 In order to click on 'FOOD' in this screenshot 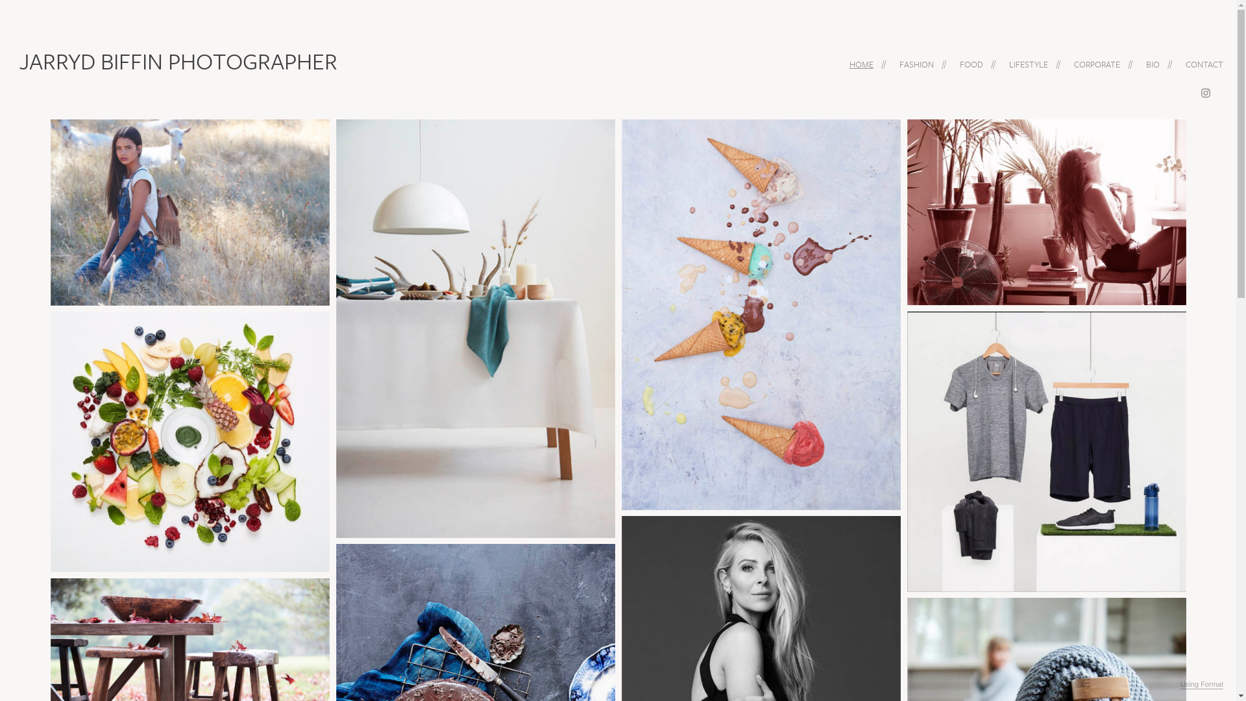, I will do `click(971, 62)`.